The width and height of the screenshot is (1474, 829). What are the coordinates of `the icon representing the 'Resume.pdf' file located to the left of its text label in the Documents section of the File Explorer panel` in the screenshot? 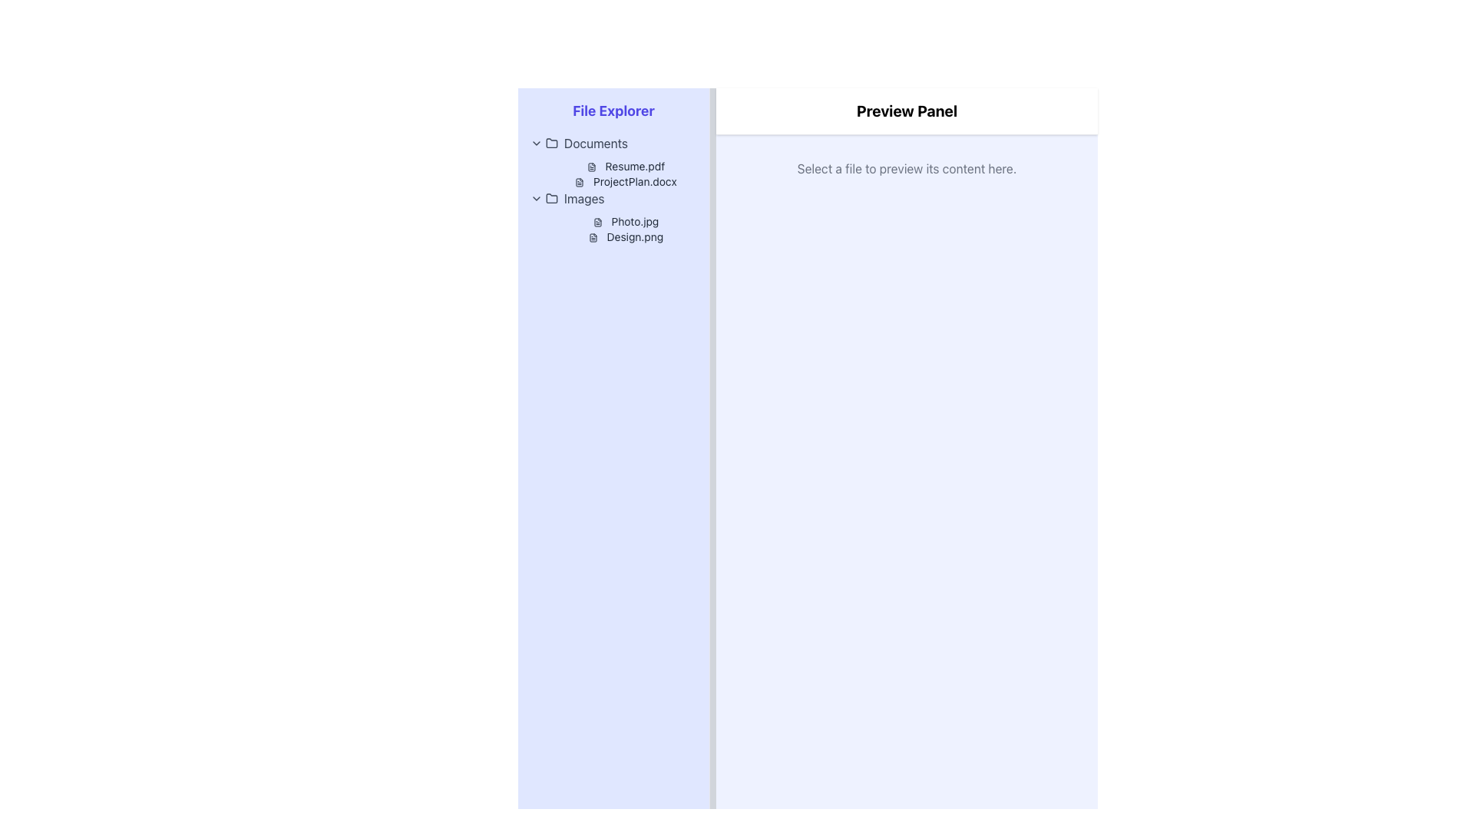 It's located at (590, 167).